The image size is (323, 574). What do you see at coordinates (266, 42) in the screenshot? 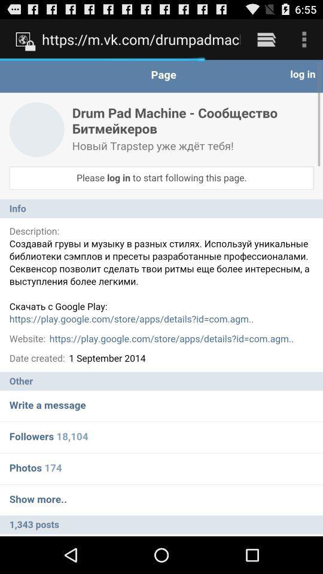
I see `the switcher icon` at bounding box center [266, 42].